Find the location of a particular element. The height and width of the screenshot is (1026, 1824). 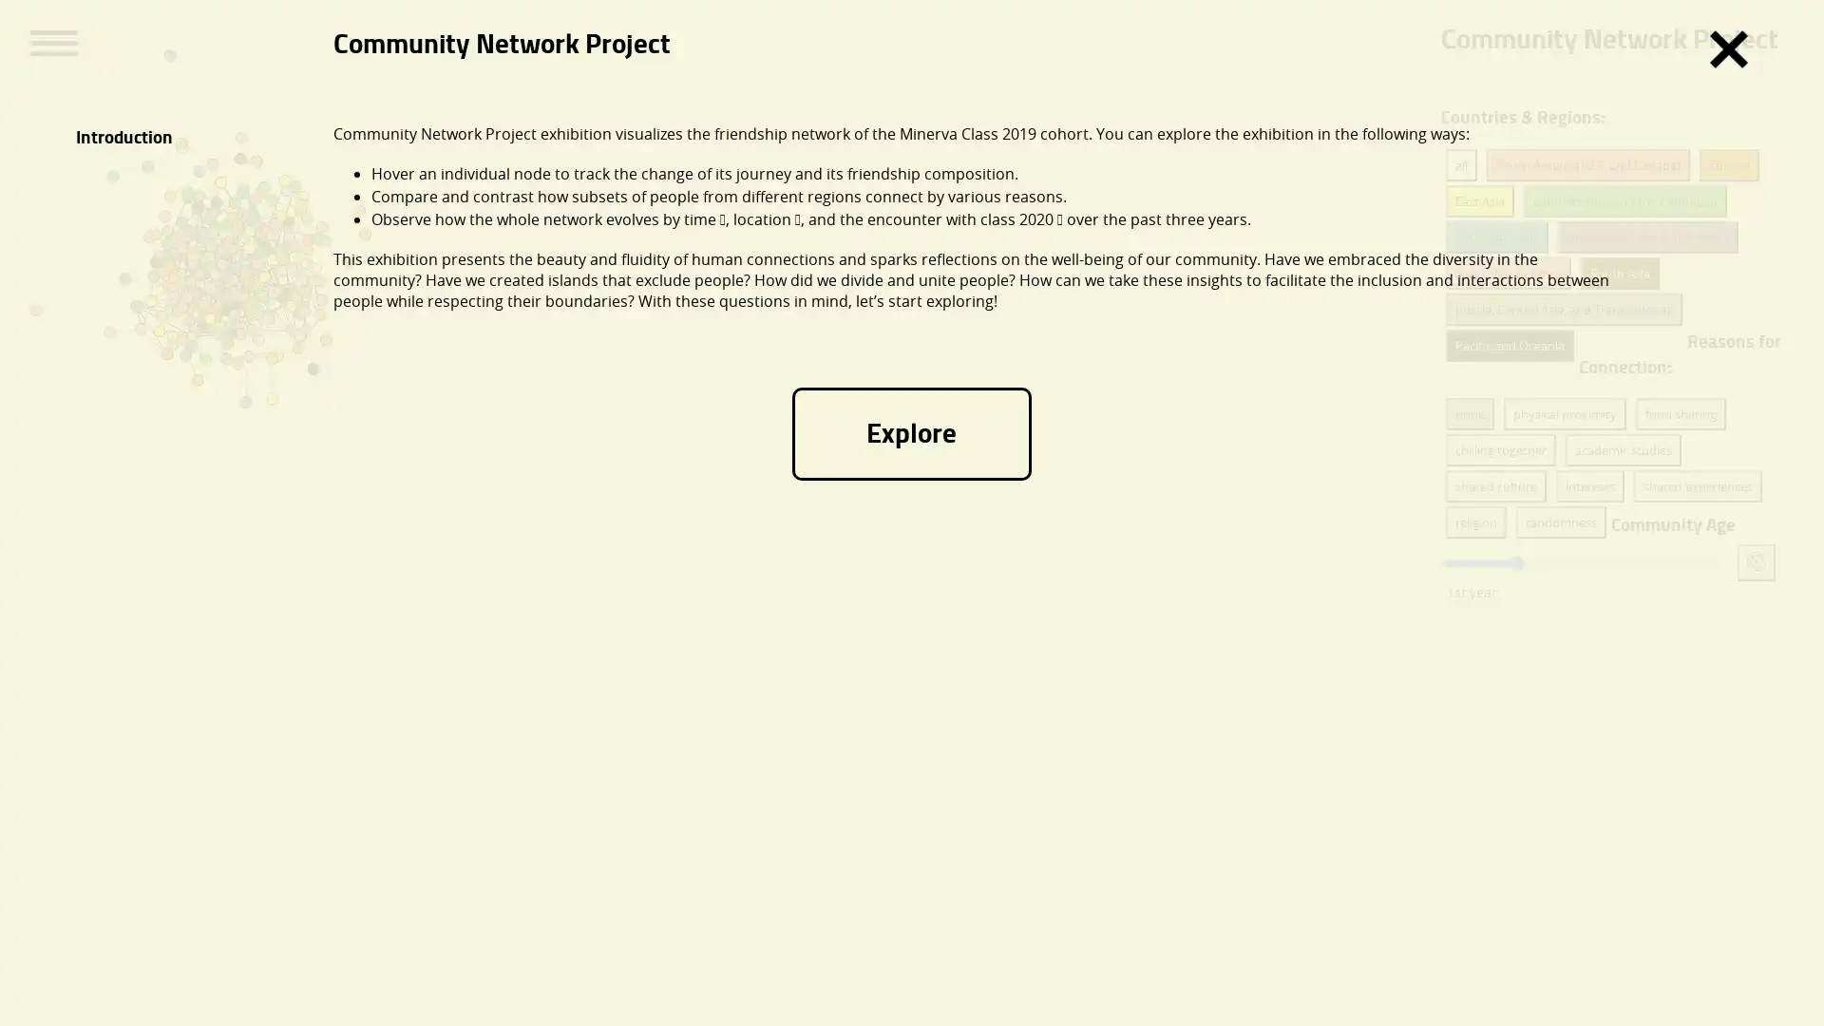

shared experiences is located at coordinates (1698, 485).